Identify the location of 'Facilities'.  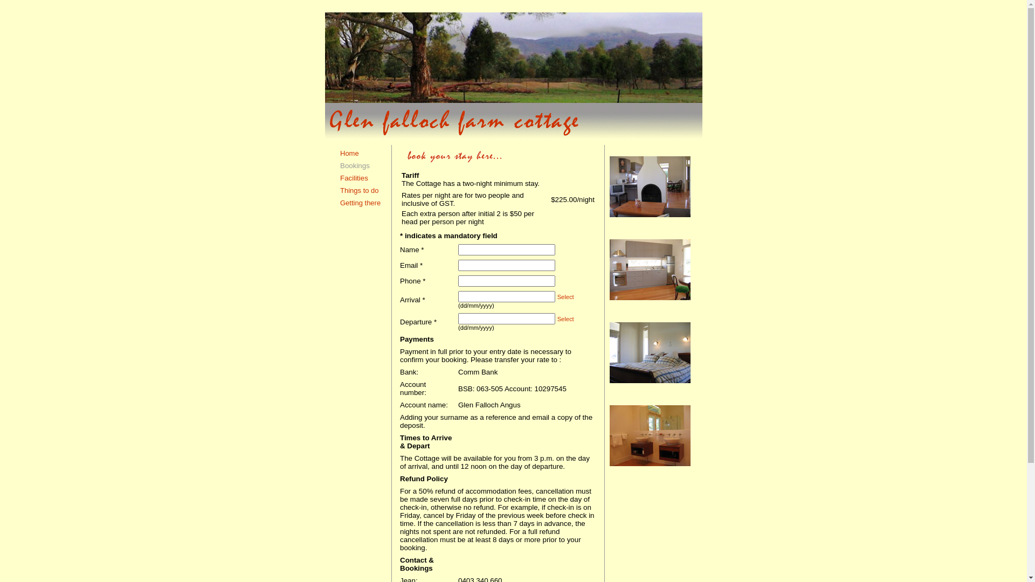
(354, 177).